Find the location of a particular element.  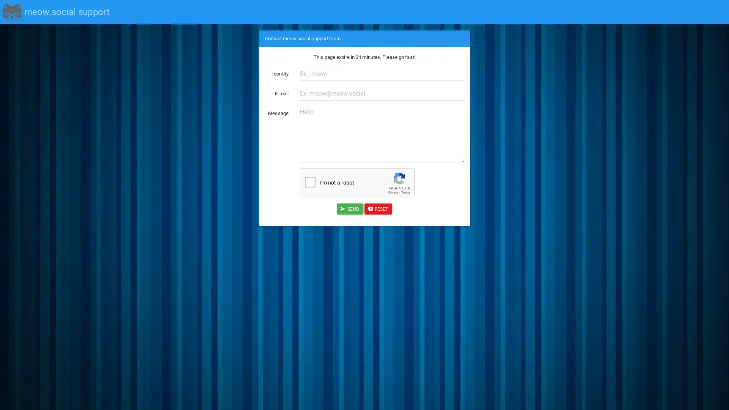

RESET is located at coordinates (378, 208).